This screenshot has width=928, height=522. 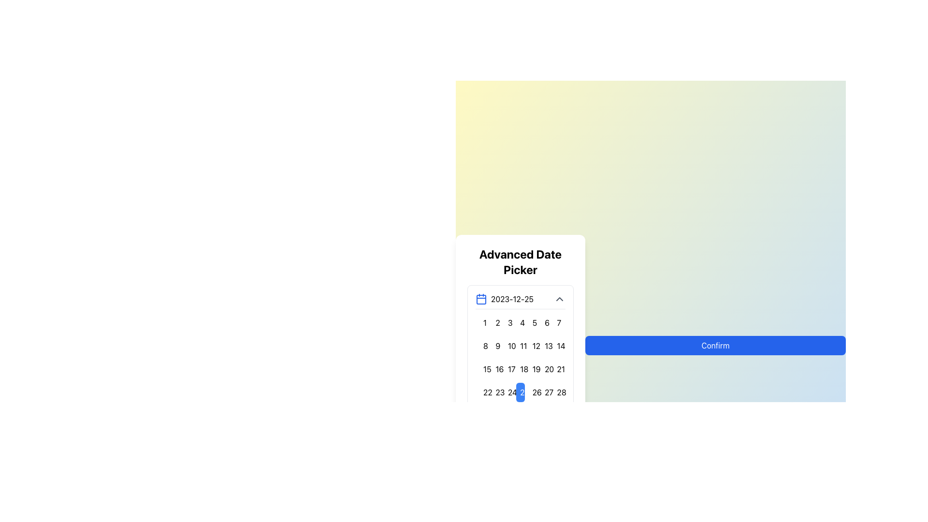 What do you see at coordinates (532, 392) in the screenshot?
I see `the calendar date button displaying '26', located in the fifth row and fourth column of the grid` at bounding box center [532, 392].